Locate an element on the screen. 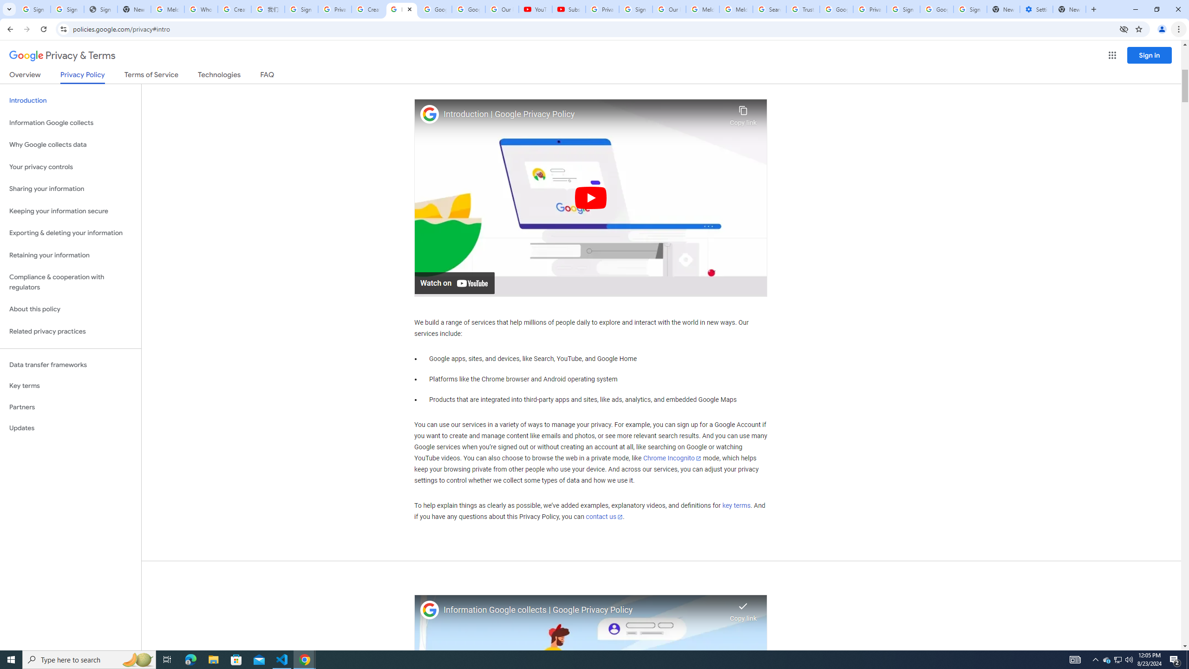 The width and height of the screenshot is (1189, 669). 'Exporting & deleting your information' is located at coordinates (70, 233).